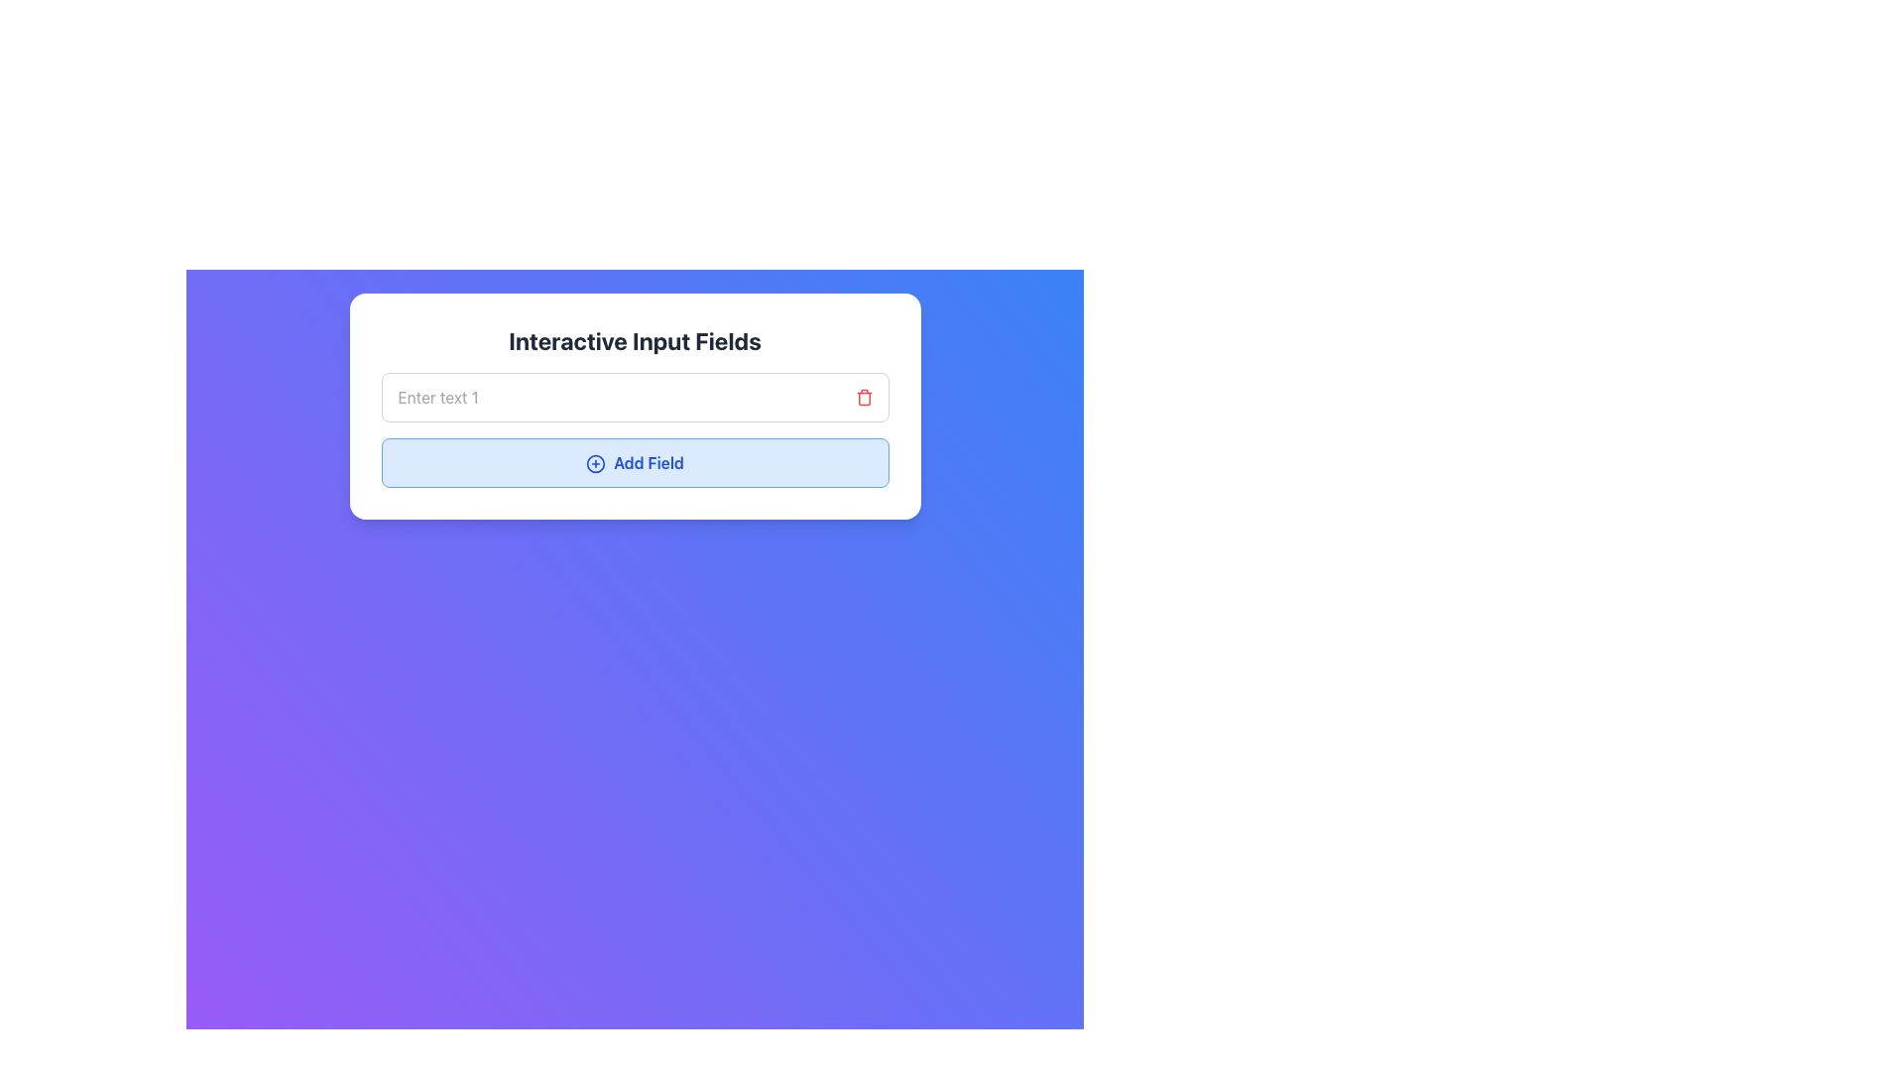 This screenshot has height=1071, width=1904. Describe the element at coordinates (635, 462) in the screenshot. I see `the button located under the heading 'Interactive Input Fields'` at that location.